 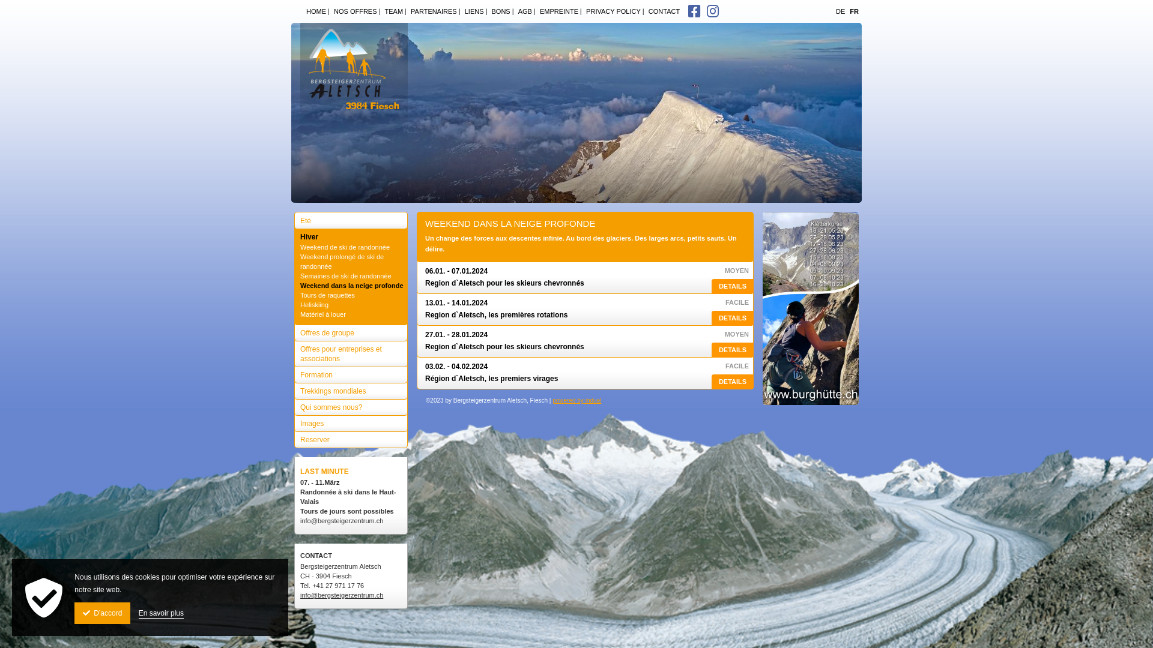 I want to click on 'Images', so click(x=350, y=420).